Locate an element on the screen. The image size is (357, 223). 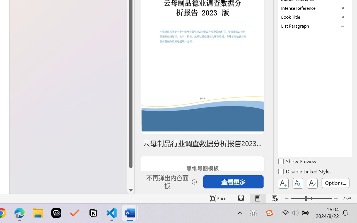
'Options...' is located at coordinates (335, 183).